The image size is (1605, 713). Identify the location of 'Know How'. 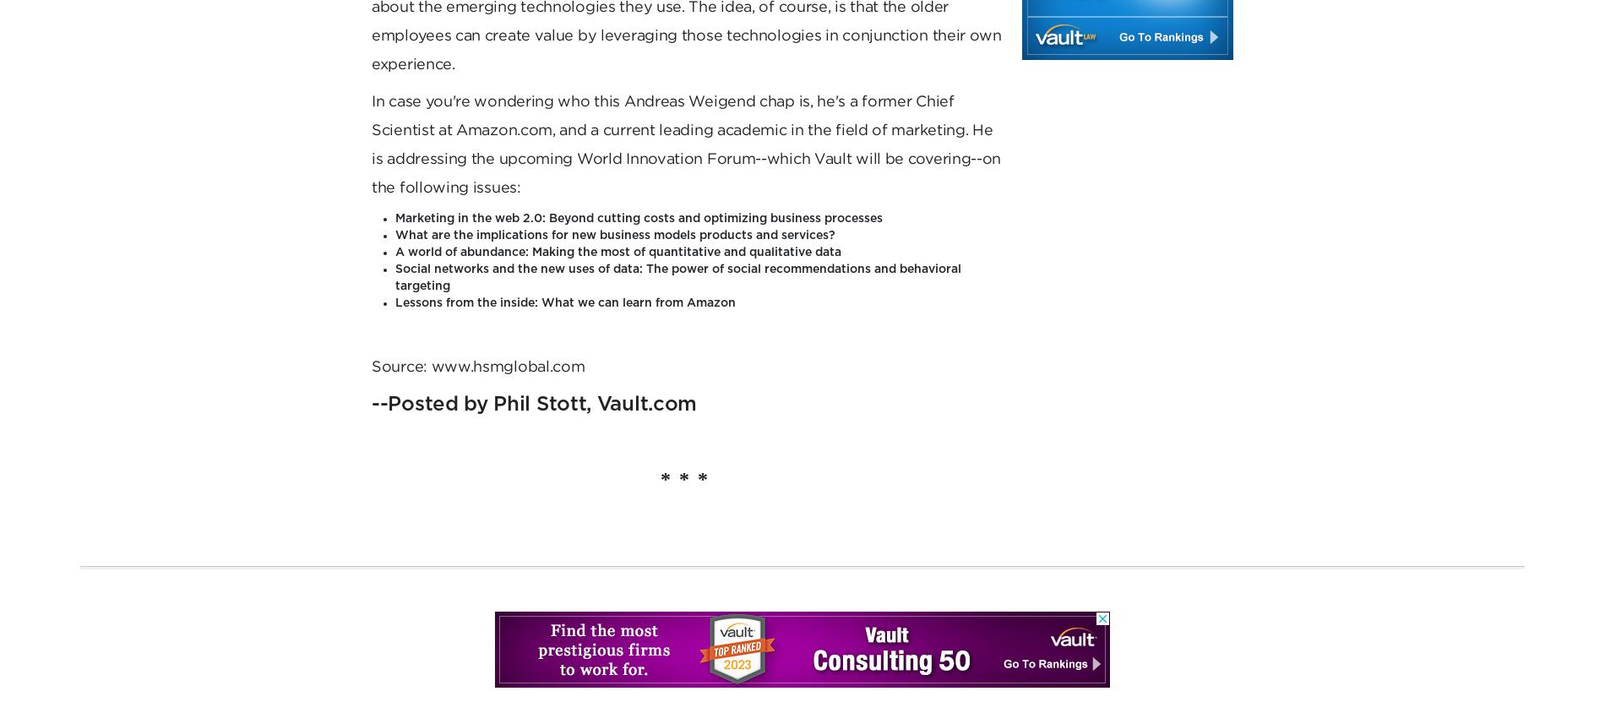
(806, 28).